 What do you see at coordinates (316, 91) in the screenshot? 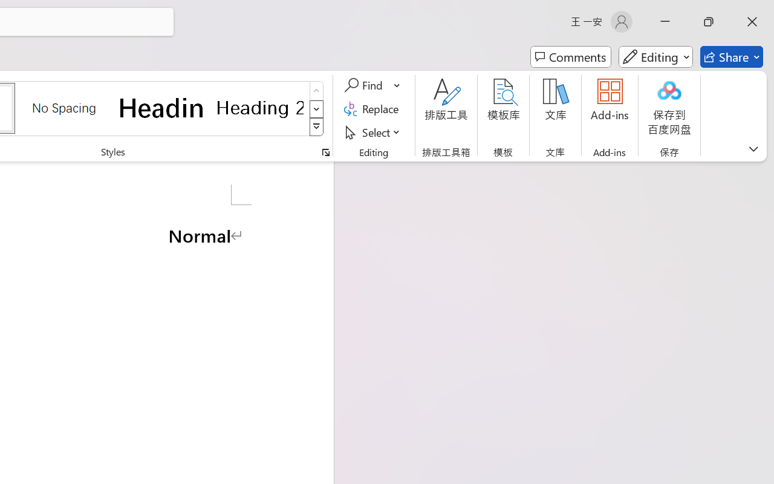
I see `'Row up'` at bounding box center [316, 91].